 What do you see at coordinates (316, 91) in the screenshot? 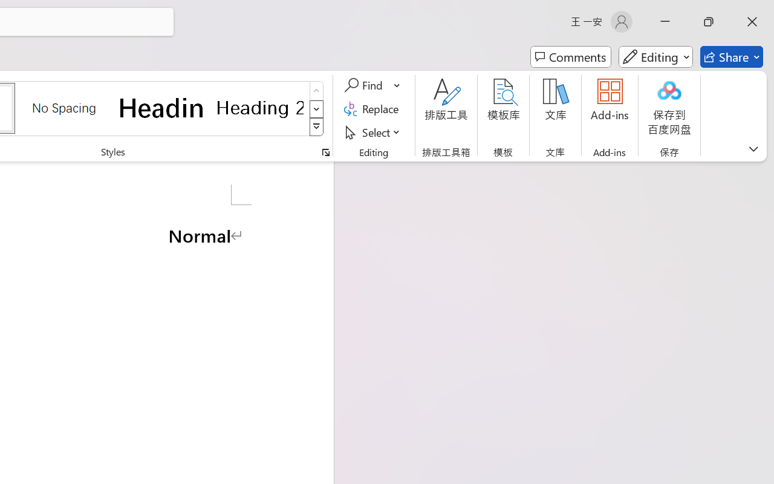
I see `'Row up'` at bounding box center [316, 91].